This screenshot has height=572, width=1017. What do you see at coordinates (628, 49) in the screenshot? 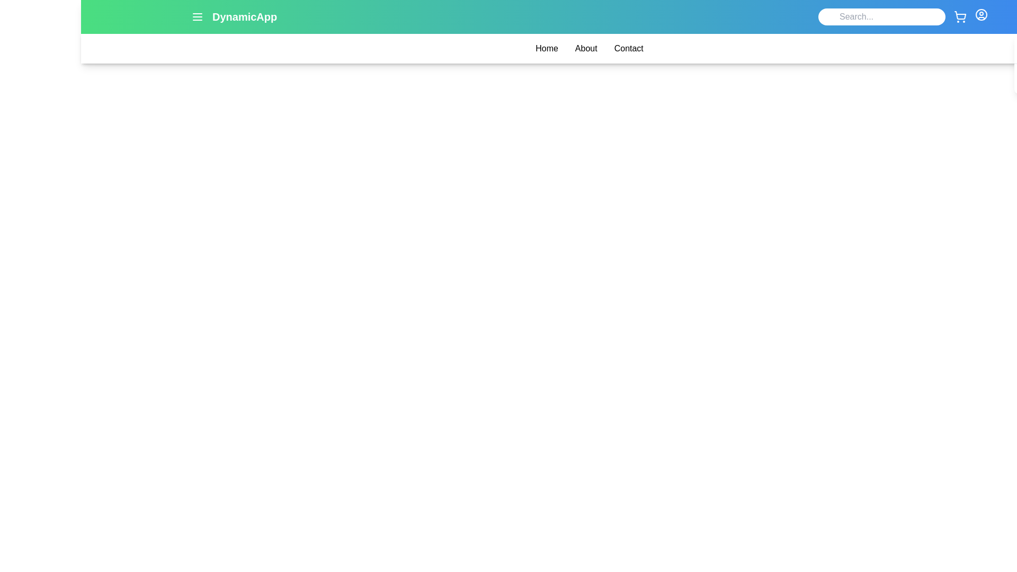
I see `the 'Contact' link in the menu bar` at bounding box center [628, 49].